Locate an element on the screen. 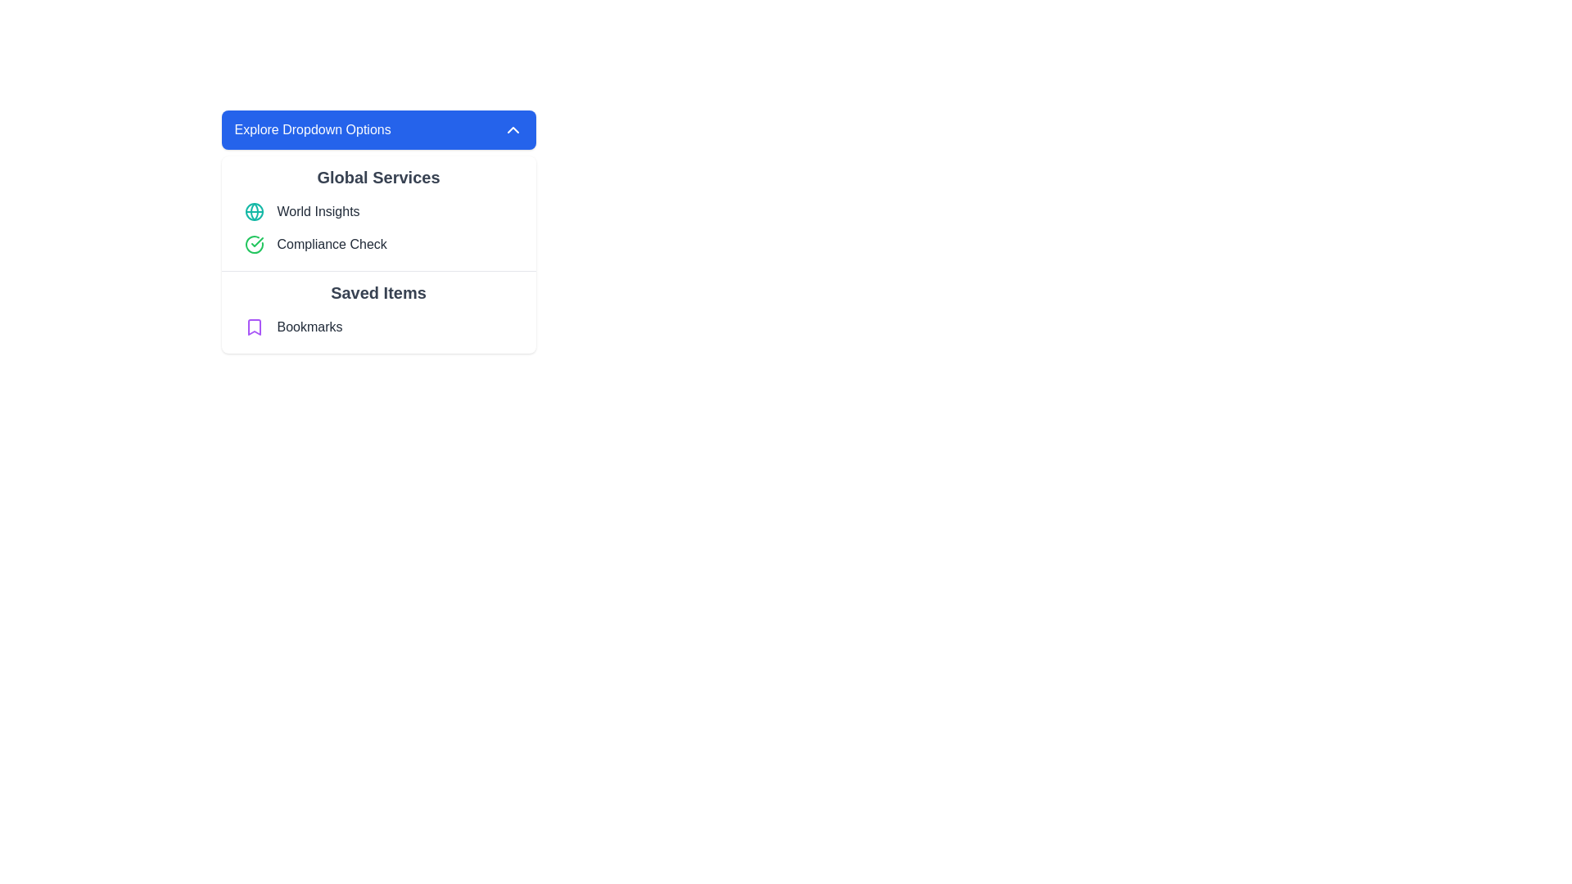  the green outlined checkmark icon located to the left of the 'Compliance Check' text in the dropdown menu under the 'Global Services' section is located at coordinates (253, 245).